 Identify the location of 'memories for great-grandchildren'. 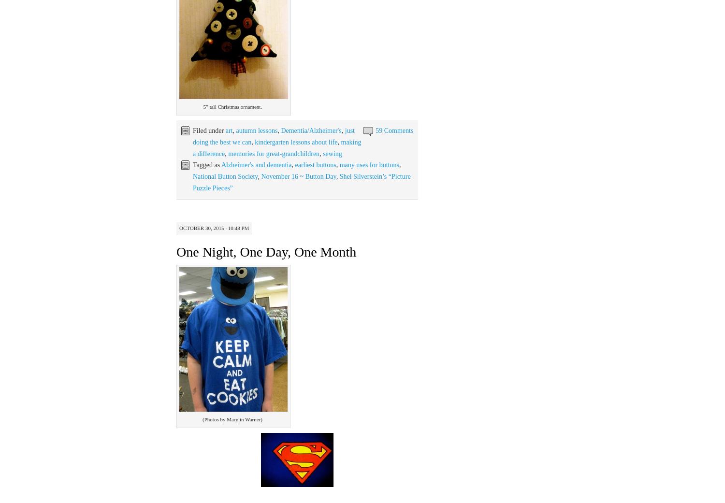
(273, 153).